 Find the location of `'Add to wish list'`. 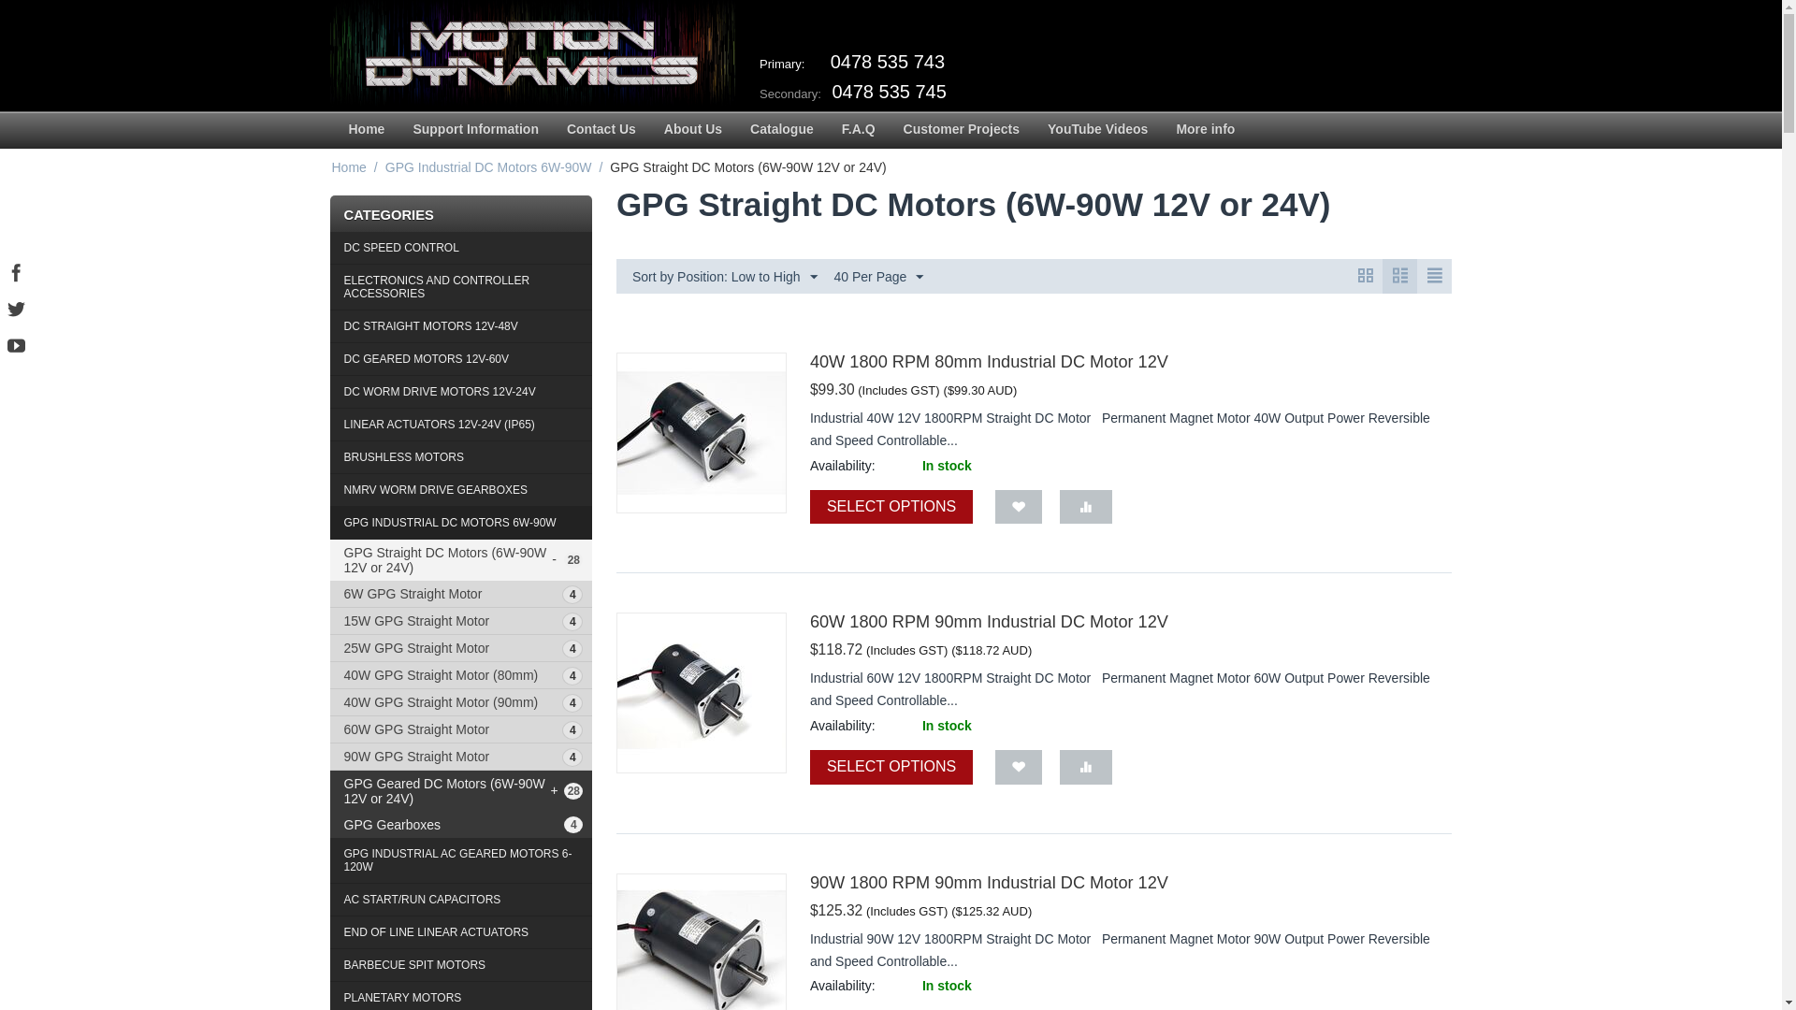

'Add to wish list' is located at coordinates (1018, 767).